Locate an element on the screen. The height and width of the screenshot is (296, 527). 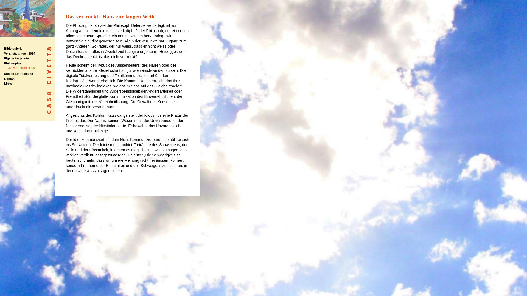
'Bildergalerie' is located at coordinates (13, 48).